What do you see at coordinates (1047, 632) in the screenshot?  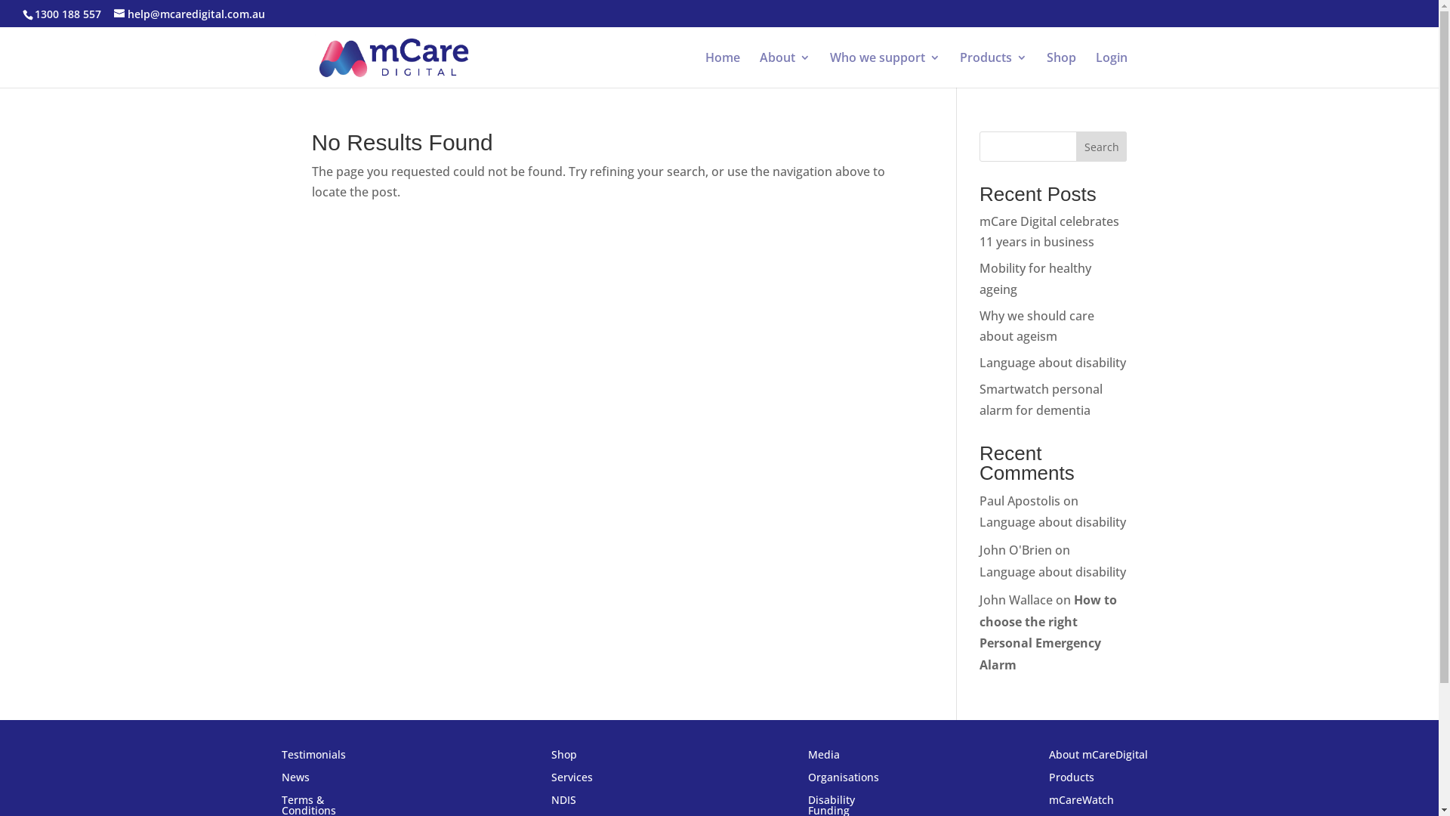 I see `'How to choose the right Personal Emergency Alarm'` at bounding box center [1047, 632].